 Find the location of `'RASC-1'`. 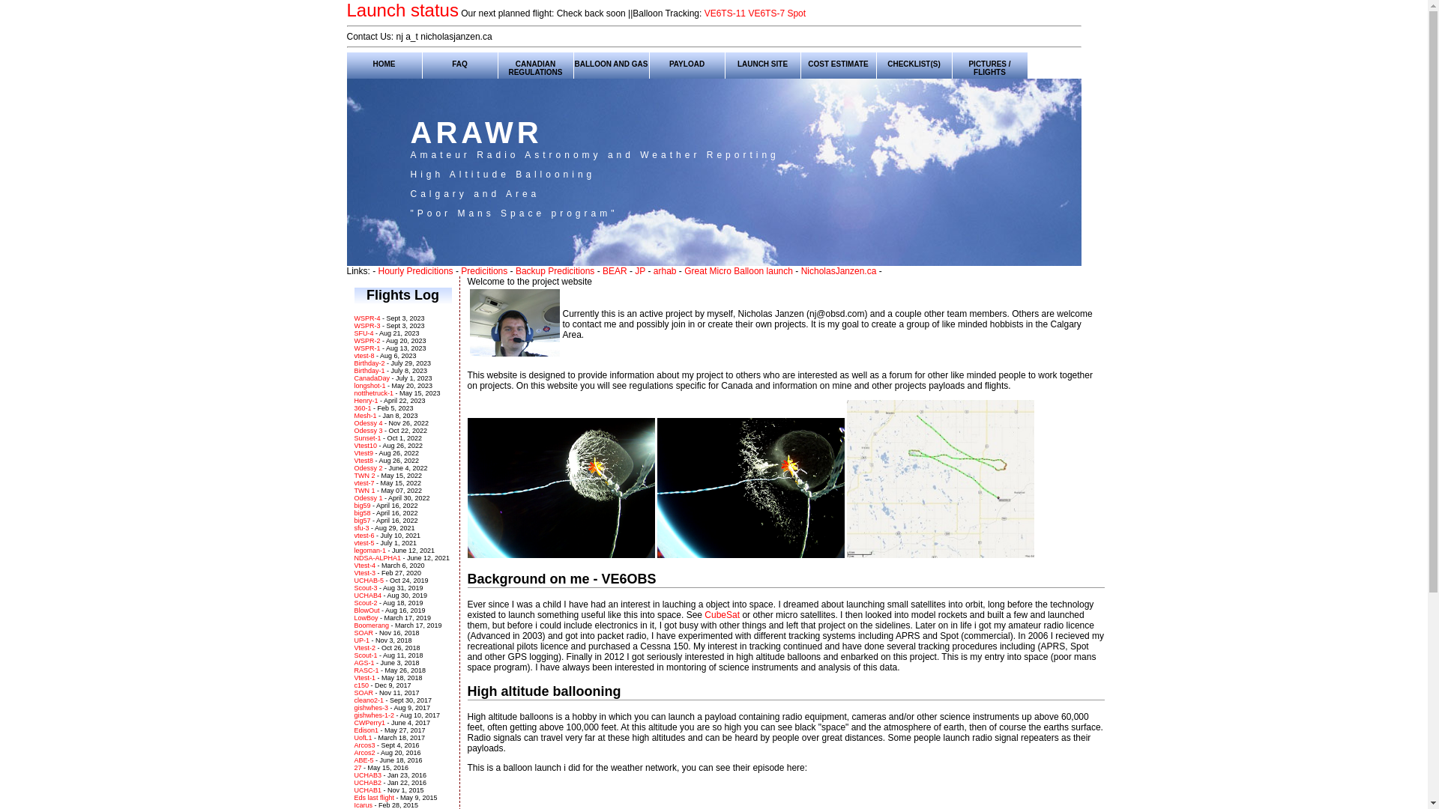

'RASC-1' is located at coordinates (366, 669).